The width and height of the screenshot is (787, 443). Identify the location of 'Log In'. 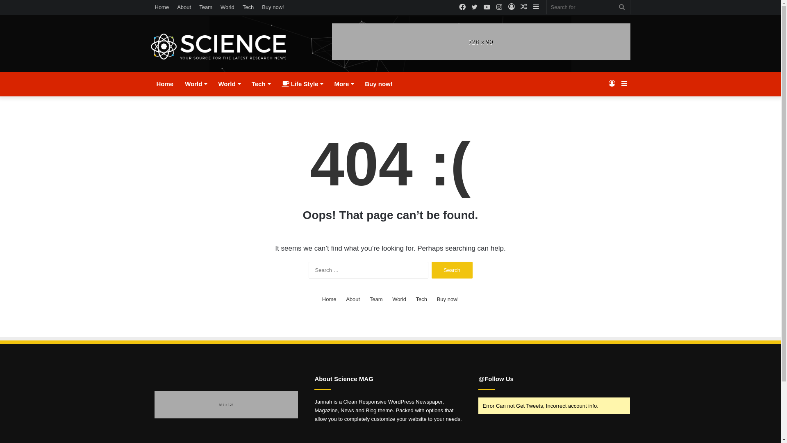
(612, 84).